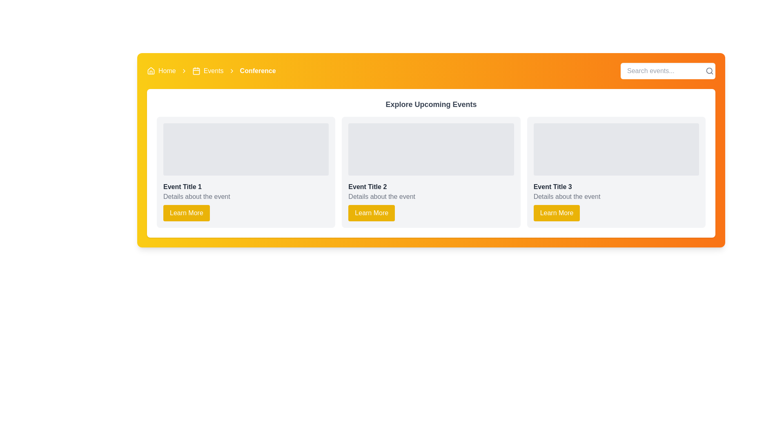 The height and width of the screenshot is (441, 784). What do you see at coordinates (709, 70) in the screenshot?
I see `the interactive button with a search icon located in the top-right corner of the interface to initiate a search` at bounding box center [709, 70].